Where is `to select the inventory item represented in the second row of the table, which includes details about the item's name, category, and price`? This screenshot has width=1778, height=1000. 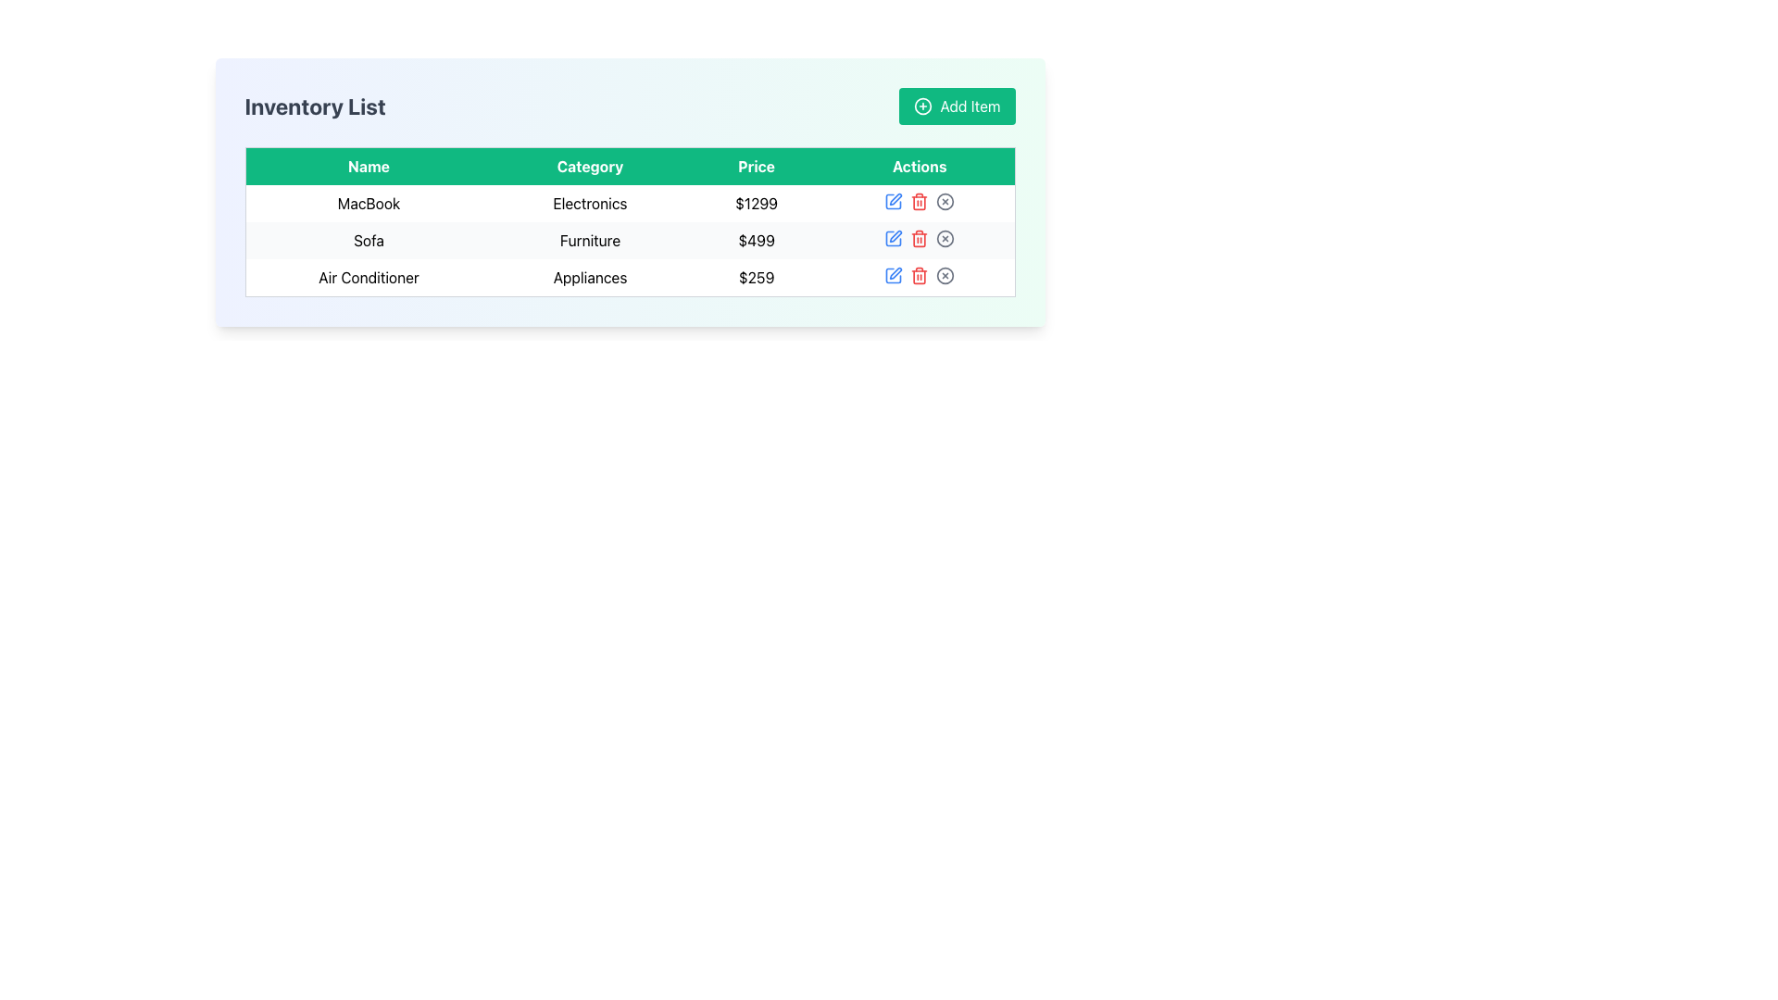
to select the inventory item represented in the second row of the table, which includes details about the item's name, category, and price is located at coordinates (630, 240).